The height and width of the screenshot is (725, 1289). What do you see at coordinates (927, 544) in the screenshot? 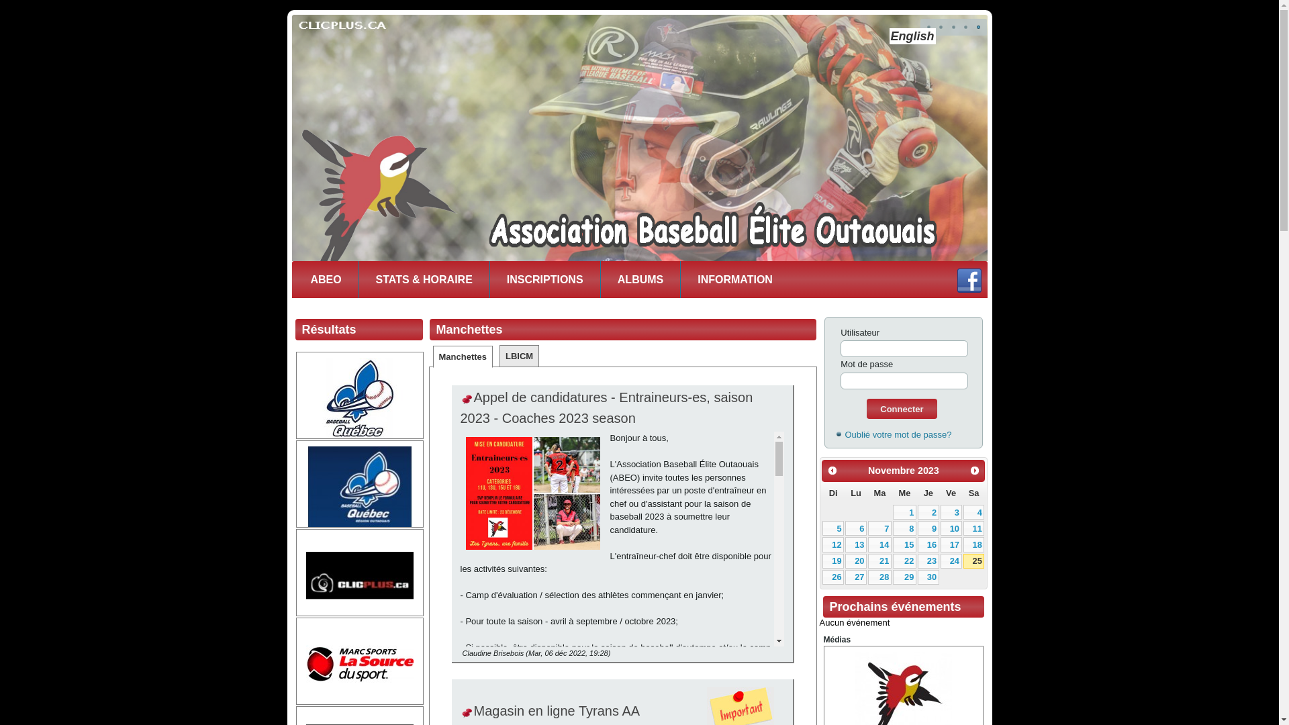
I see `'16'` at bounding box center [927, 544].